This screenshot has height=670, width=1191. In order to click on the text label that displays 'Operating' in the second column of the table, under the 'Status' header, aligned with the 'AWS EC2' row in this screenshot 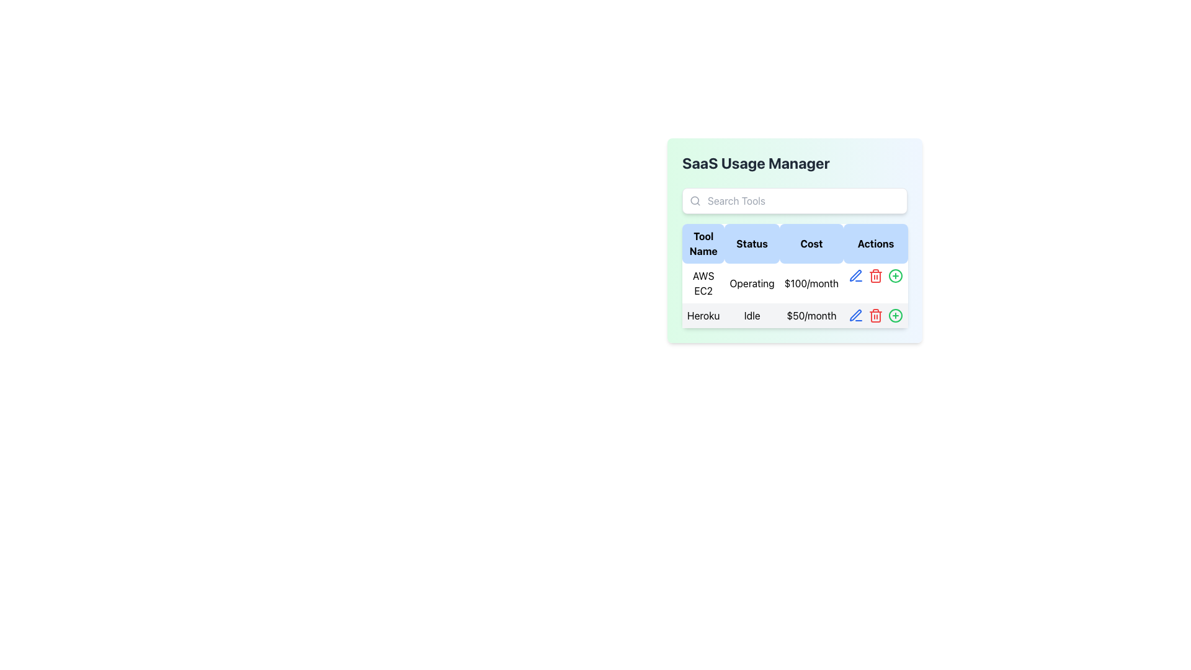, I will do `click(751, 283)`.